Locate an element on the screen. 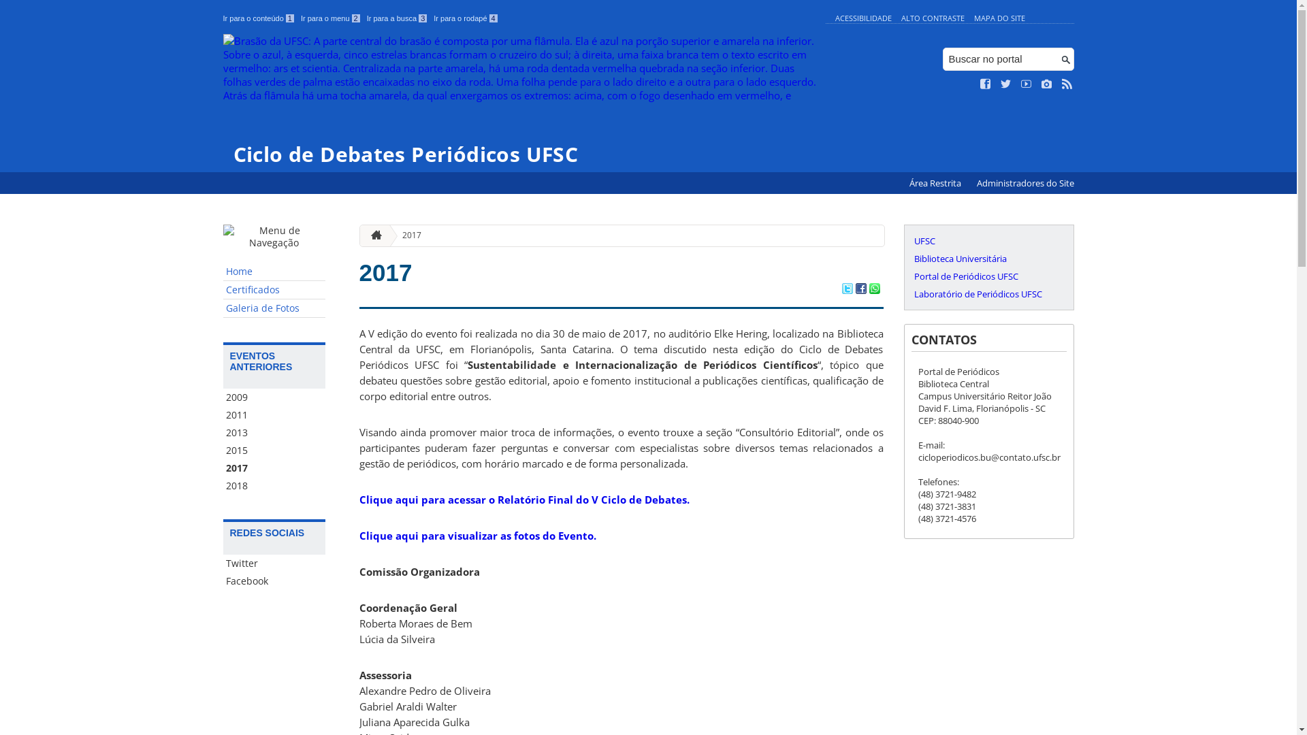  'Veja no Instagram' is located at coordinates (1046, 84).